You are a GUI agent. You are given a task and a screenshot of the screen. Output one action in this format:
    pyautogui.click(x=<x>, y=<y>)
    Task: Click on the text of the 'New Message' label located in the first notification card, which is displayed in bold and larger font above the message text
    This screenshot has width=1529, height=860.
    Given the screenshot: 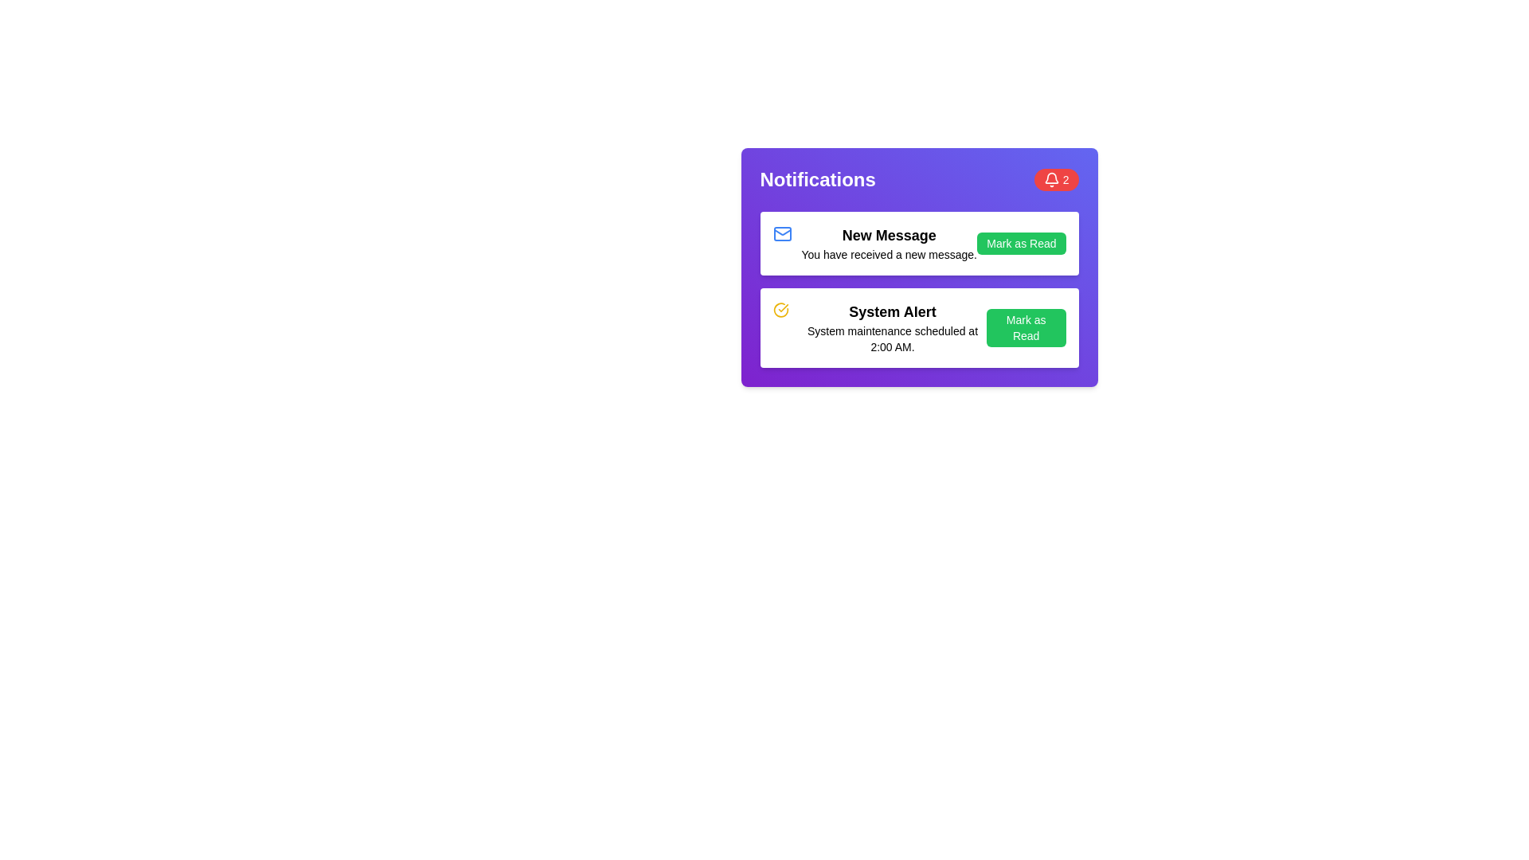 What is the action you would take?
    pyautogui.click(x=888, y=236)
    